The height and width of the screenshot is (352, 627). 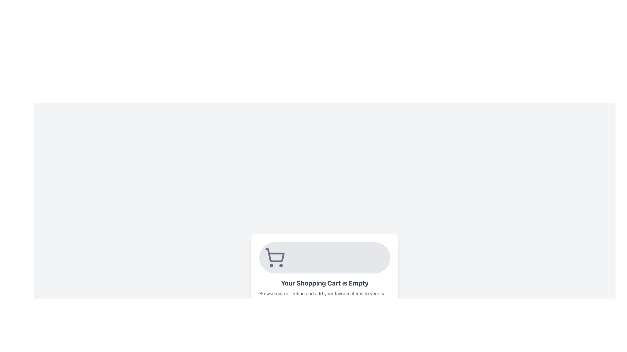 What do you see at coordinates (275, 257) in the screenshot?
I see `the shopping cart icon which is visually represented on a rounded rectangular gray background, located above the text 'Your Shopping Cart is Empty'` at bounding box center [275, 257].